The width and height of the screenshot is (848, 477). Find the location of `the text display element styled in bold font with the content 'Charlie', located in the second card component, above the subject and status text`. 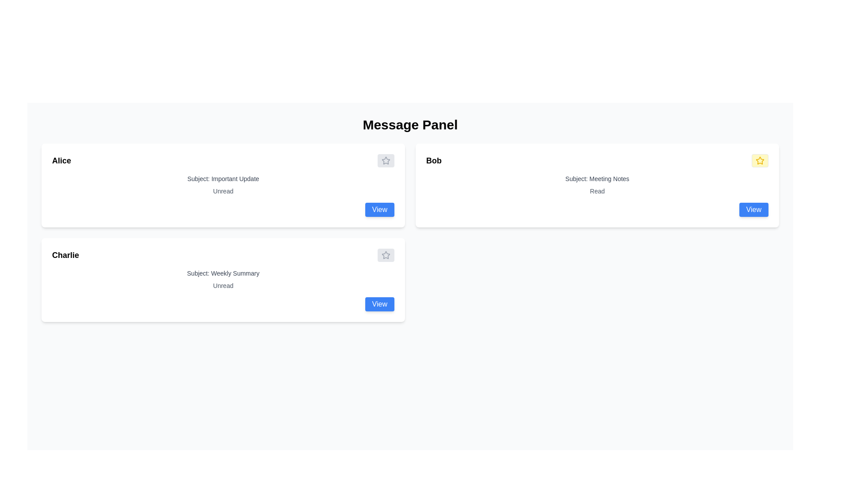

the text display element styled in bold font with the content 'Charlie', located in the second card component, above the subject and status text is located at coordinates (65, 255).